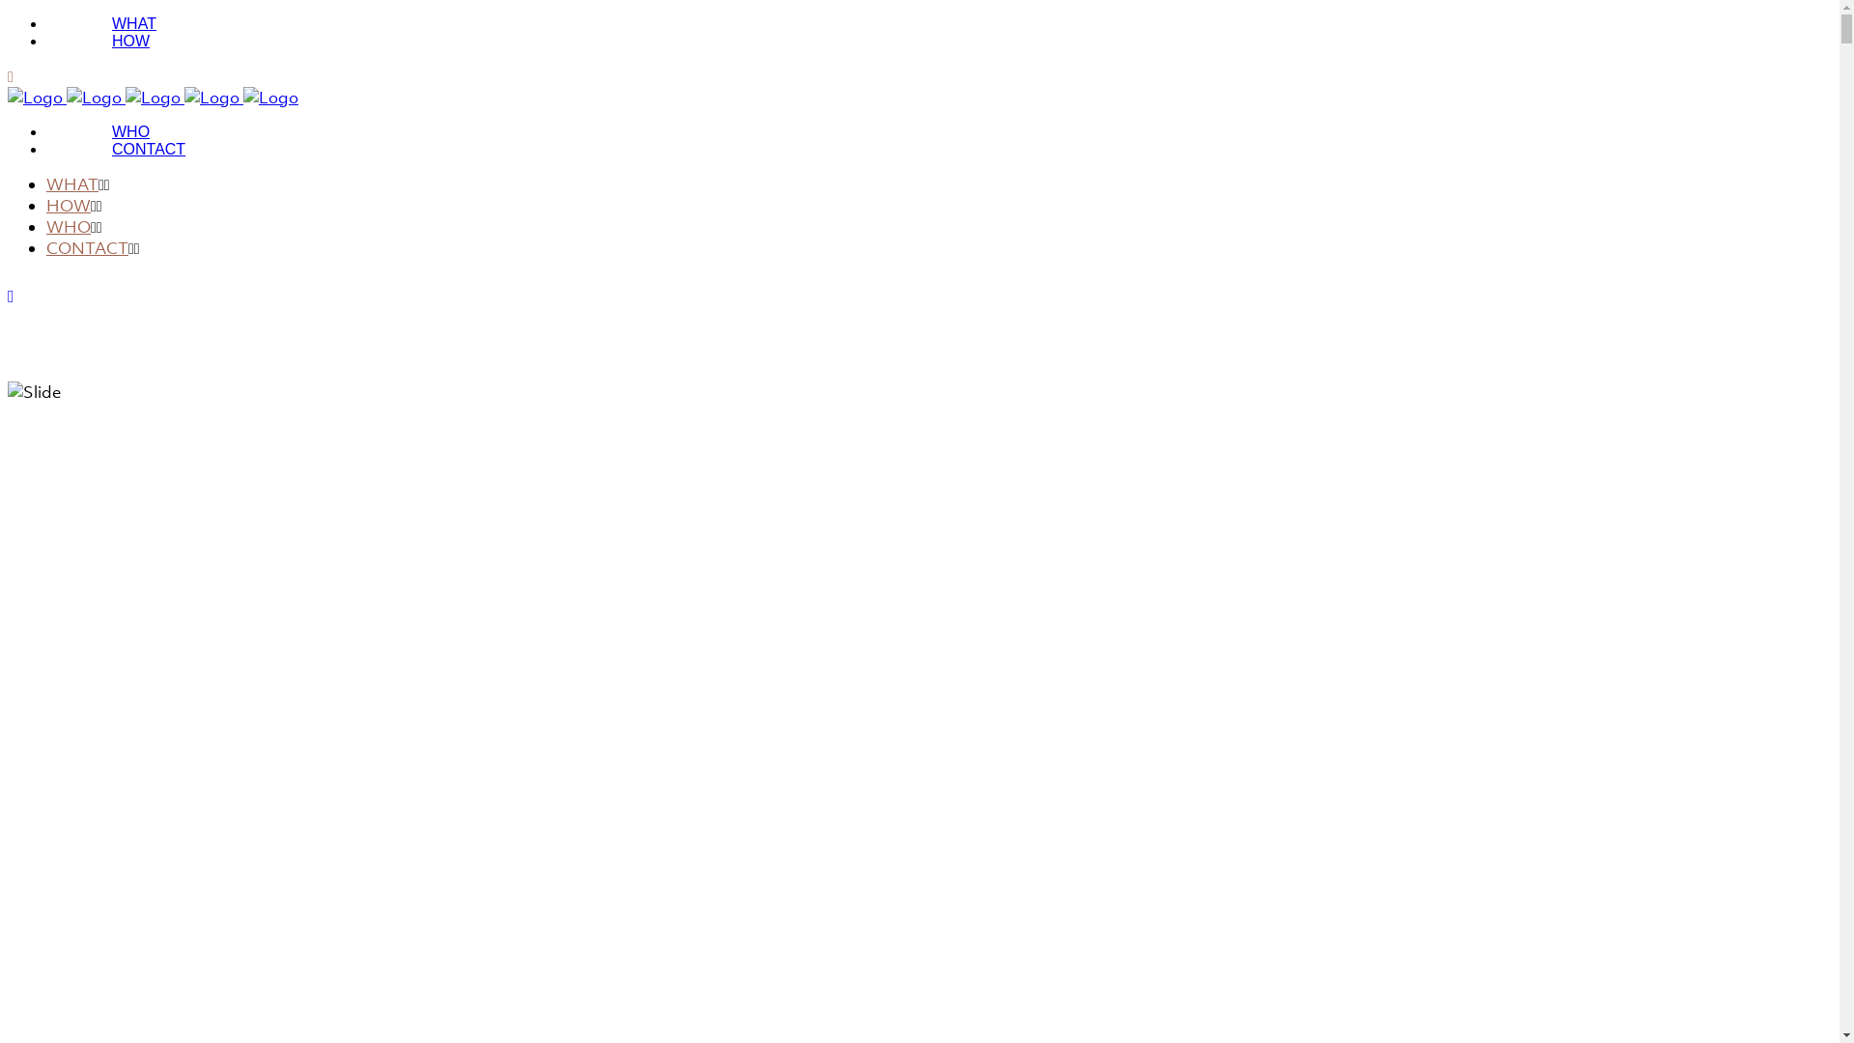 The image size is (1854, 1043). I want to click on 'WHO', so click(69, 226).